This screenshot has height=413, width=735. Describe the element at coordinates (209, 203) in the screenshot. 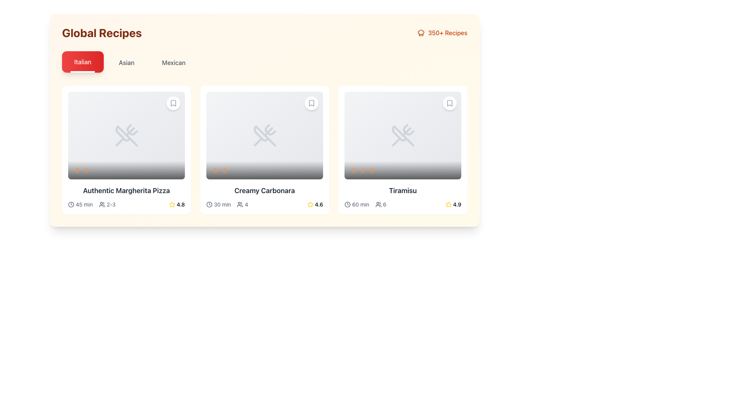

I see `the cooking duration visually` at that location.